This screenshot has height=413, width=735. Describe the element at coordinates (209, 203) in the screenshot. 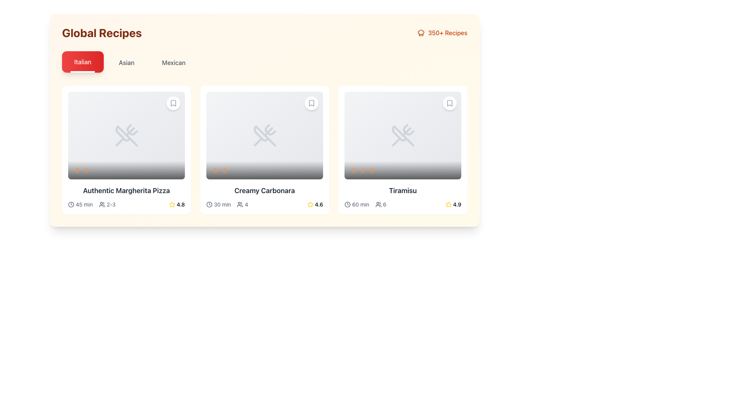

I see `the cooking duration visually` at that location.